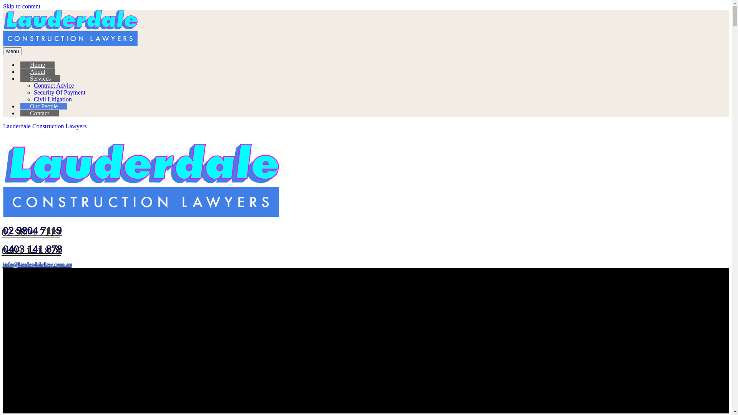 The image size is (738, 415). Describe the element at coordinates (43, 106) in the screenshot. I see `'Our People'` at that location.